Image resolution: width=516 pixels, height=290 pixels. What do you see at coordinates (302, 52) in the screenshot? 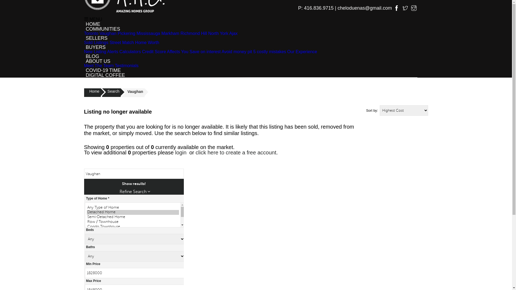
I see `'Our Experience'` at bounding box center [302, 52].